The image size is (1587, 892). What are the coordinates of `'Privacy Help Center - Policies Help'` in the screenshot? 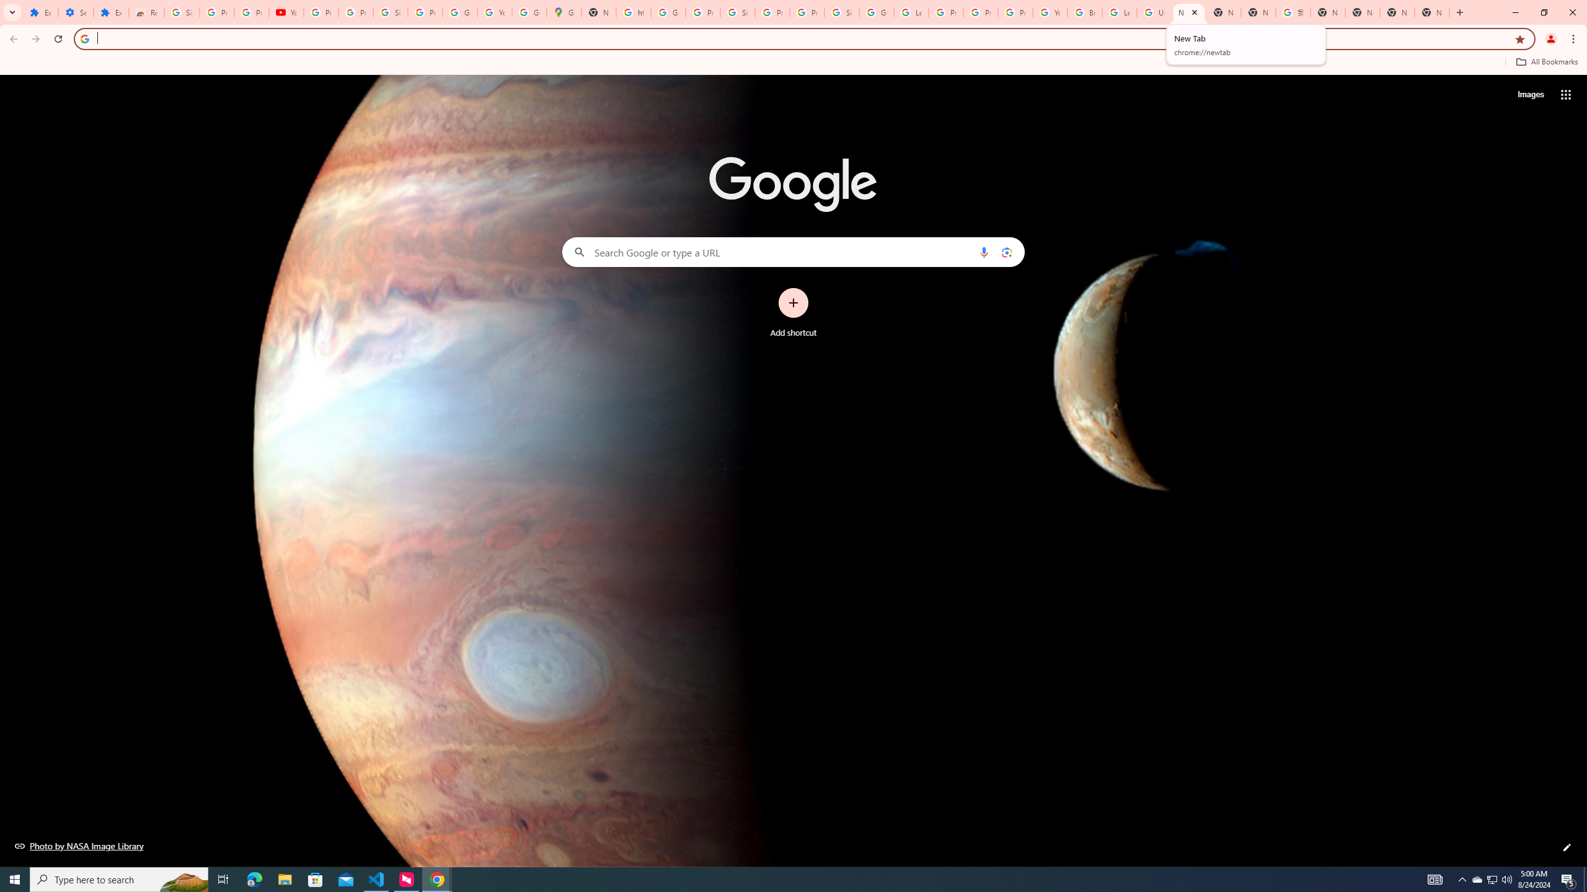 It's located at (980, 12).